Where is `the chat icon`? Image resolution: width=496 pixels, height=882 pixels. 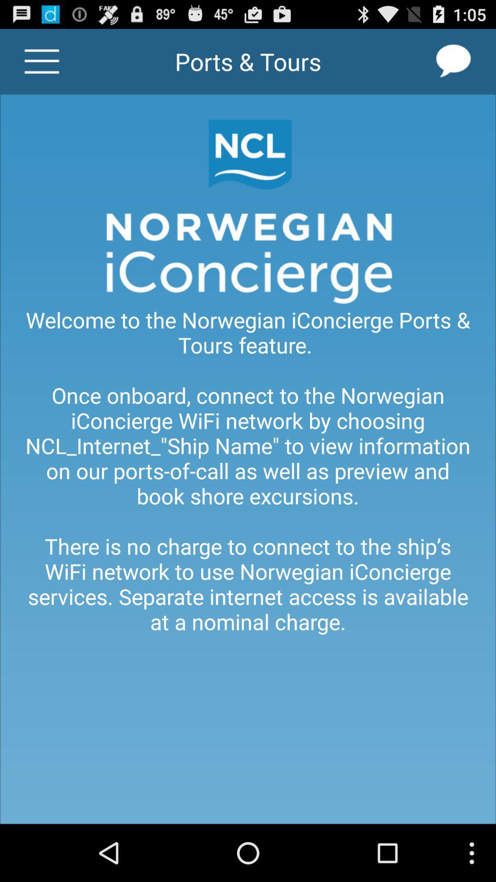 the chat icon is located at coordinates (453, 65).